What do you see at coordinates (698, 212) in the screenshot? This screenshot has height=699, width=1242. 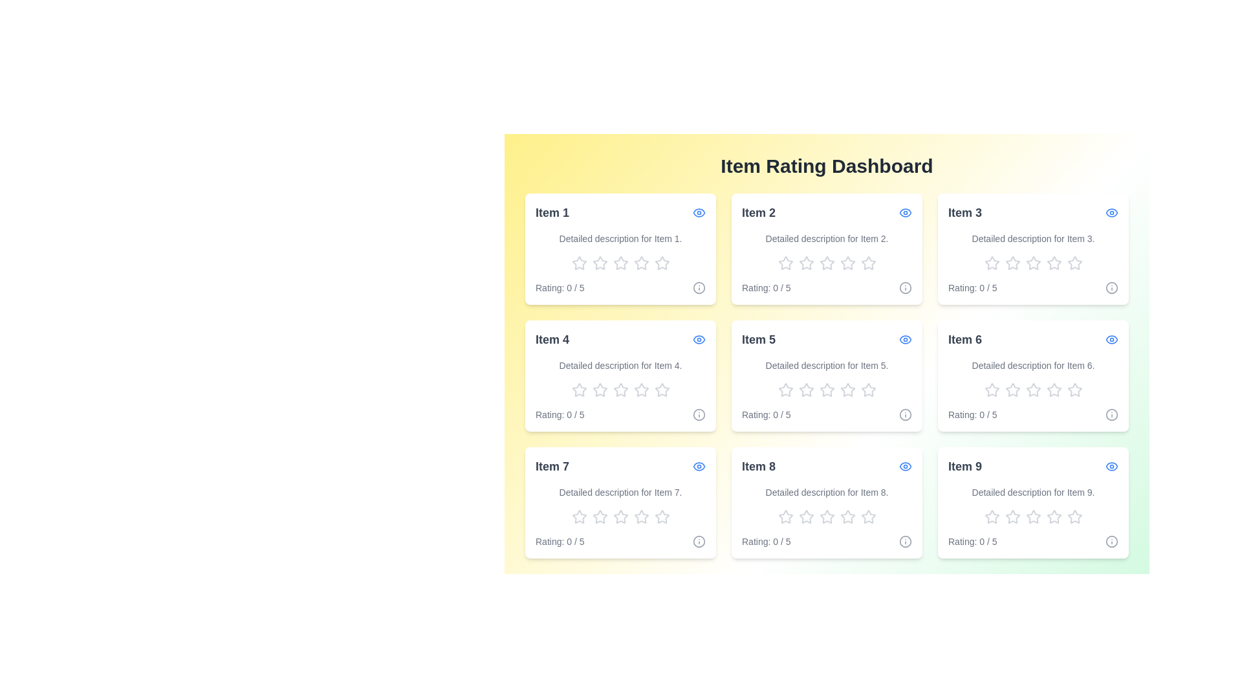 I see `the eye icon to view additional details for the selected item` at bounding box center [698, 212].